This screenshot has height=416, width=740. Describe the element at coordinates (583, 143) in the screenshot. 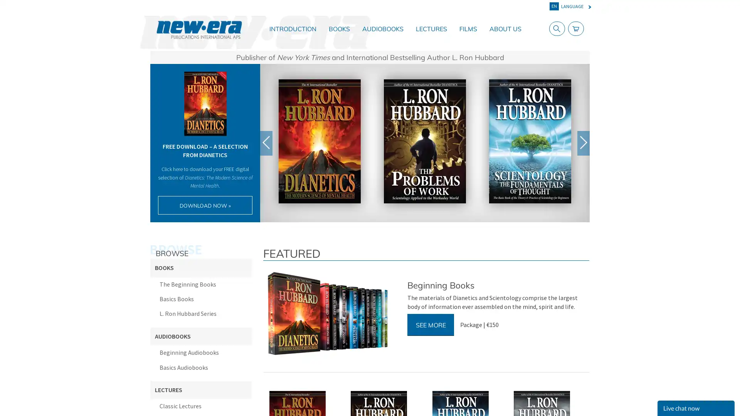

I see `Next slide` at that location.